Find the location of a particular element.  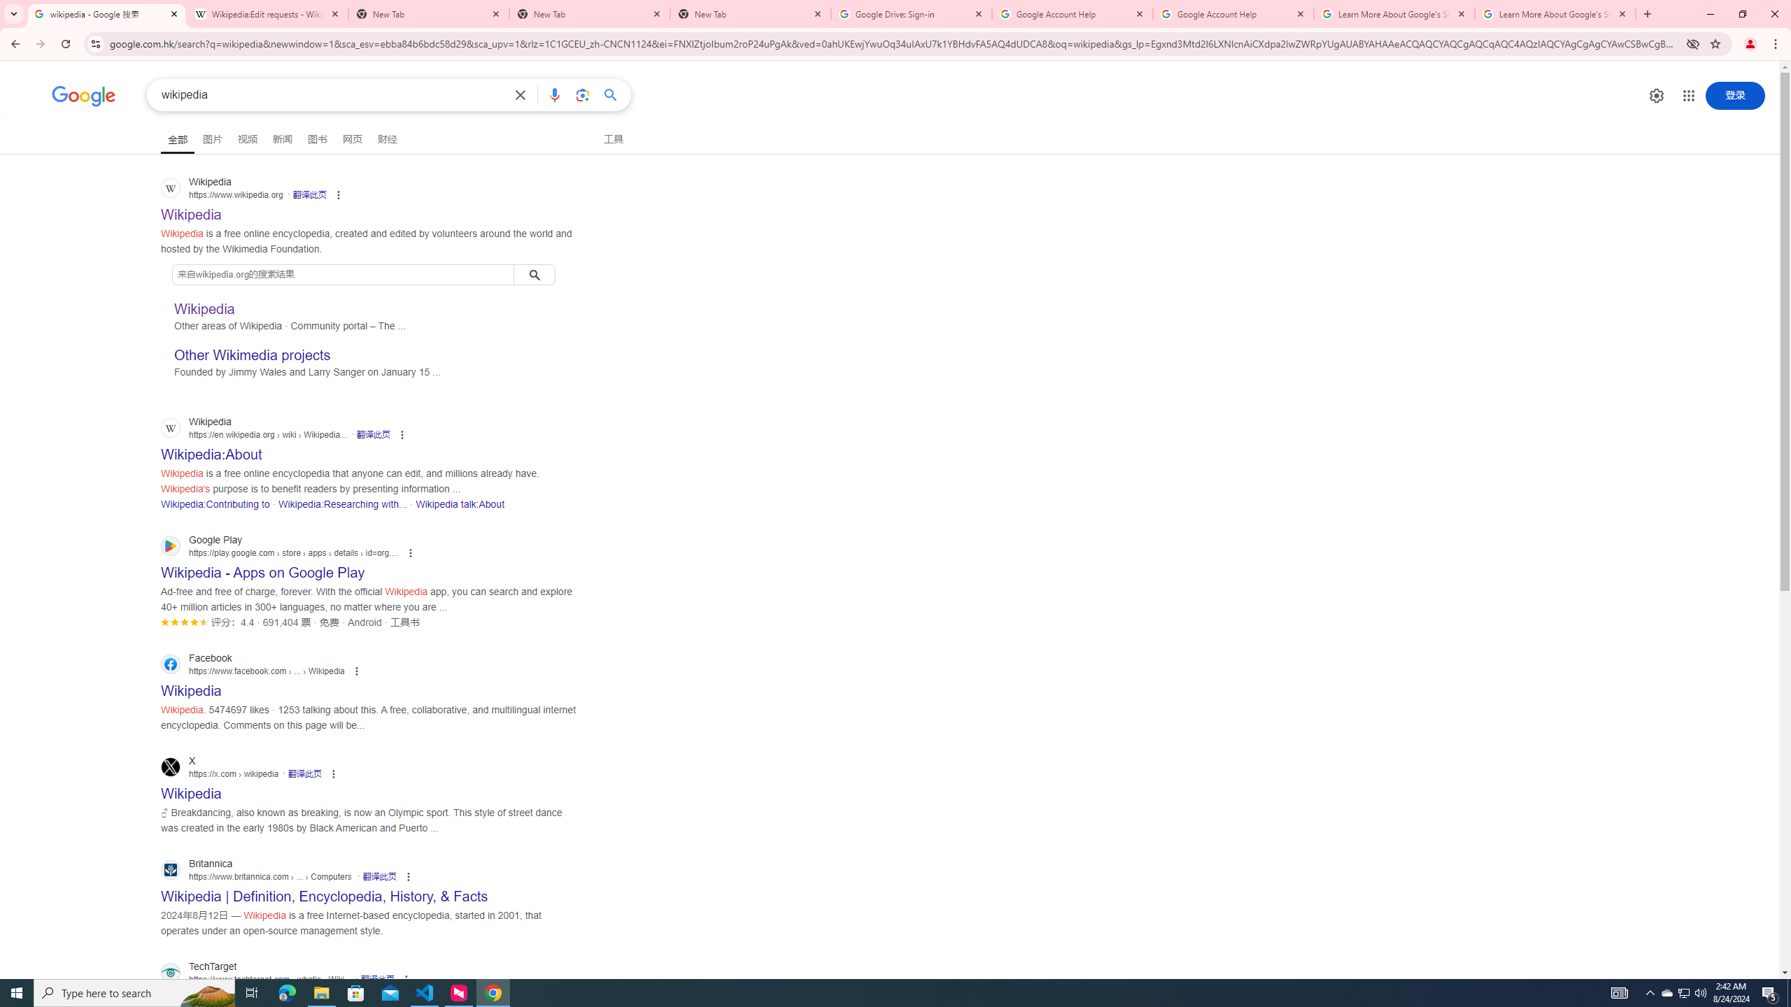

'View site information' is located at coordinates (94, 43).